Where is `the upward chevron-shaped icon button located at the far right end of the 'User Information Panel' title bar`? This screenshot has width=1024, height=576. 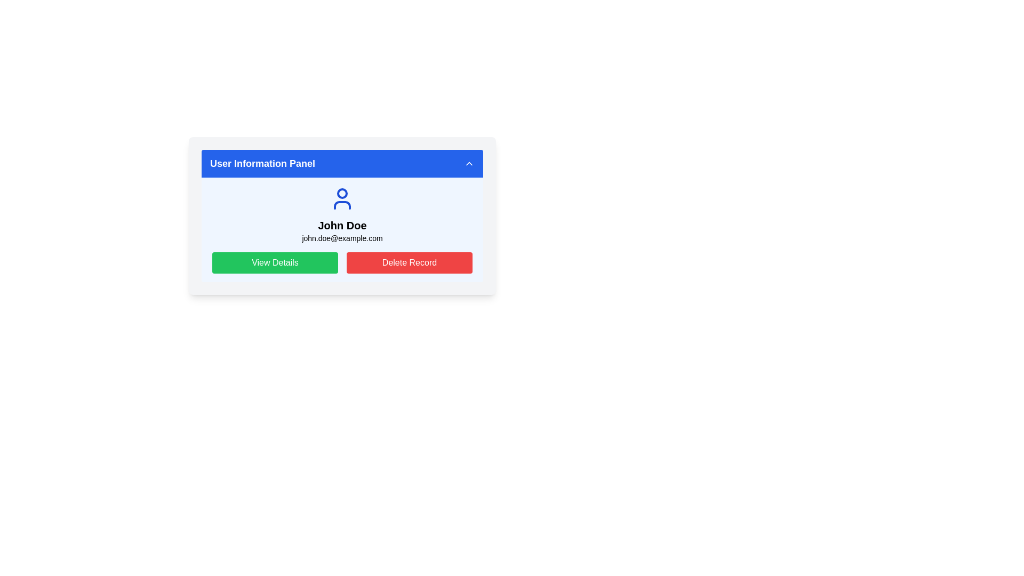
the upward chevron-shaped icon button located at the far right end of the 'User Information Panel' title bar is located at coordinates (469, 164).